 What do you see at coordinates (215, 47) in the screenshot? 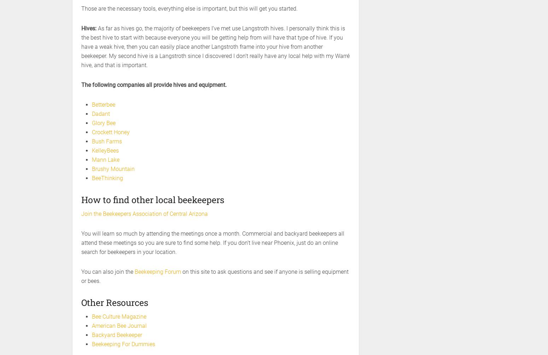
I see `'As far as hives go, the majority of beekeepers I’ve met use Langstroth hives. I personally think this is the best hive to start with because everyone you will be getting help from will have that type of hive. If you have a weak hive, then you can easily place another Langstroth frame into your hive from another beekeeper. My second hive is a Langstroth since I discovered I don’t really have any local help with my Warré hive, and that is important.'` at bounding box center [215, 47].